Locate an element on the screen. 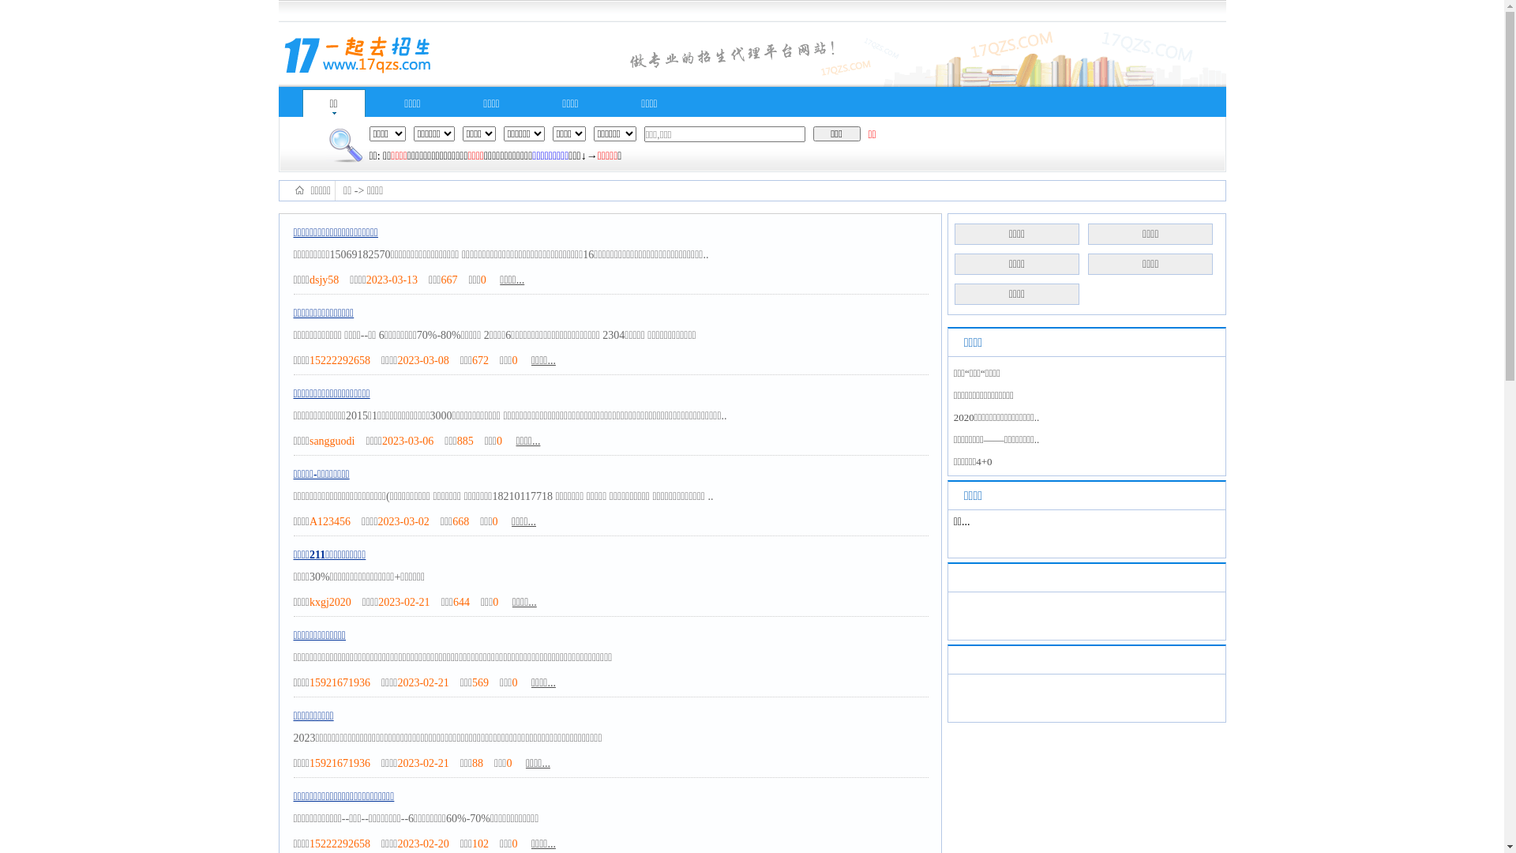 Image resolution: width=1516 pixels, height=853 pixels. '668' is located at coordinates (451, 521).